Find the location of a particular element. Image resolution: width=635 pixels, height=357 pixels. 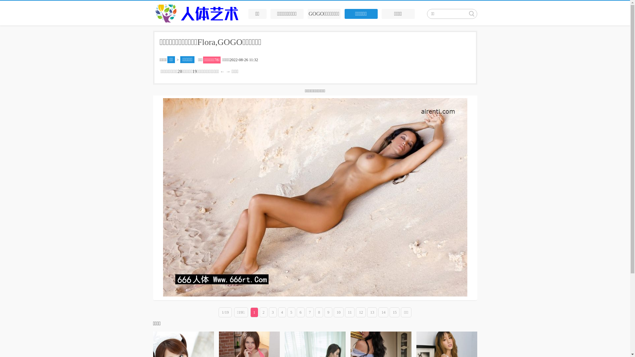

'12' is located at coordinates (355, 312).